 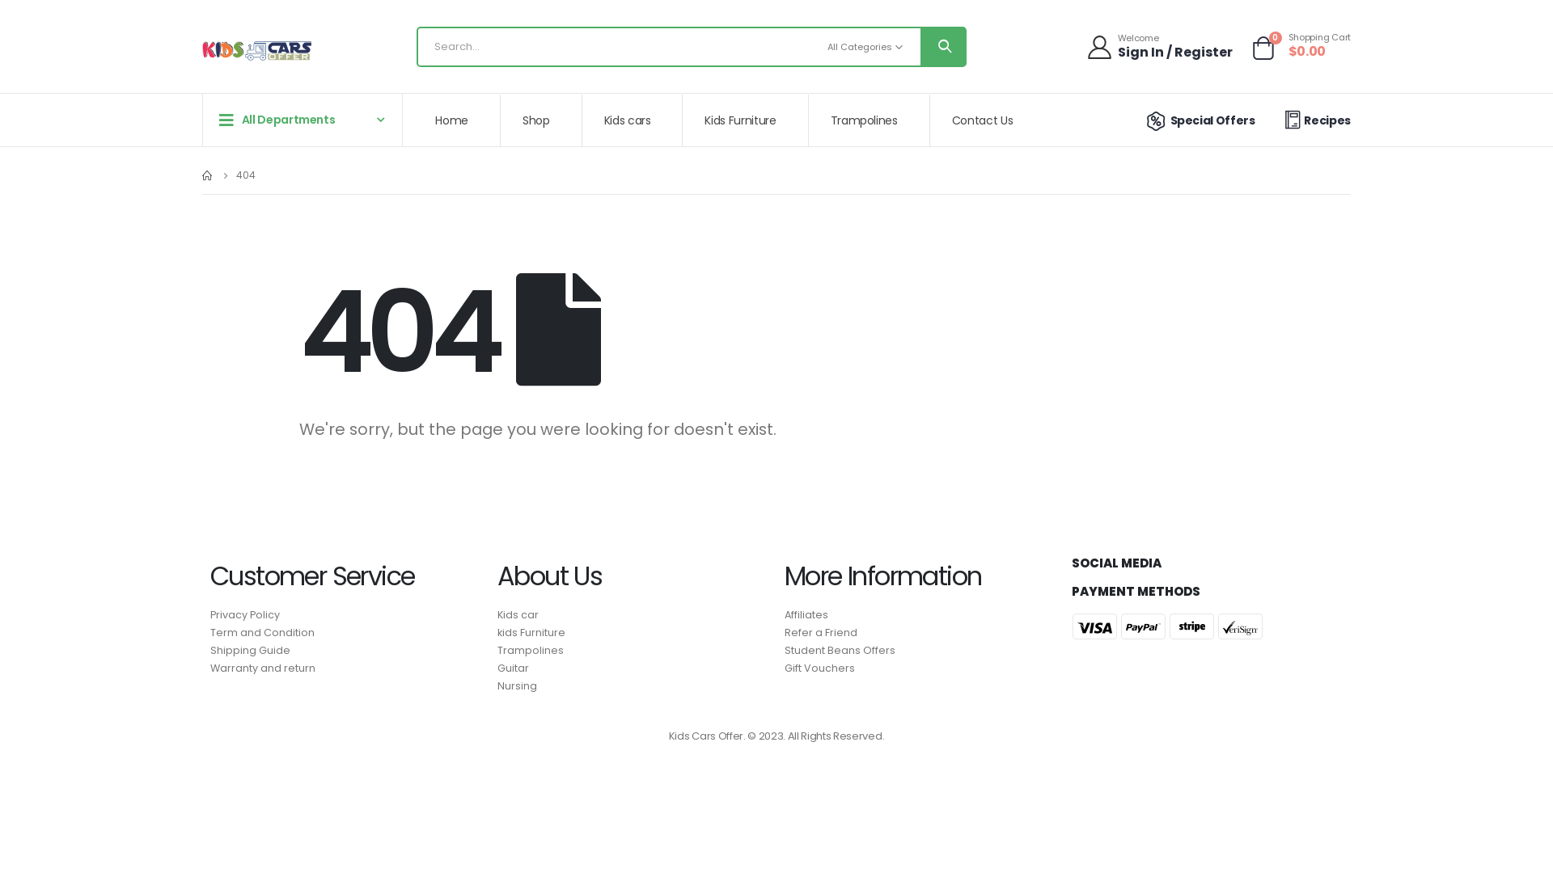 I want to click on 'Go to Home Page', so click(x=201, y=175).